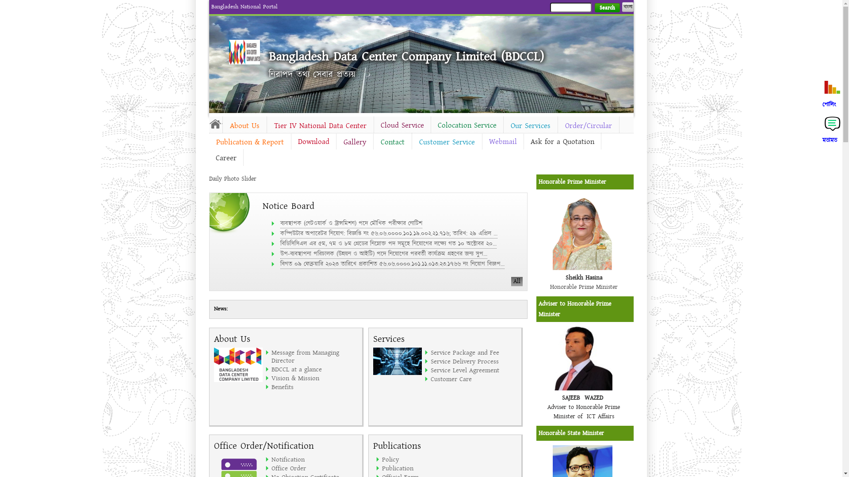 This screenshot has height=477, width=849. What do you see at coordinates (314, 369) in the screenshot?
I see `'BDCCL at a glance'` at bounding box center [314, 369].